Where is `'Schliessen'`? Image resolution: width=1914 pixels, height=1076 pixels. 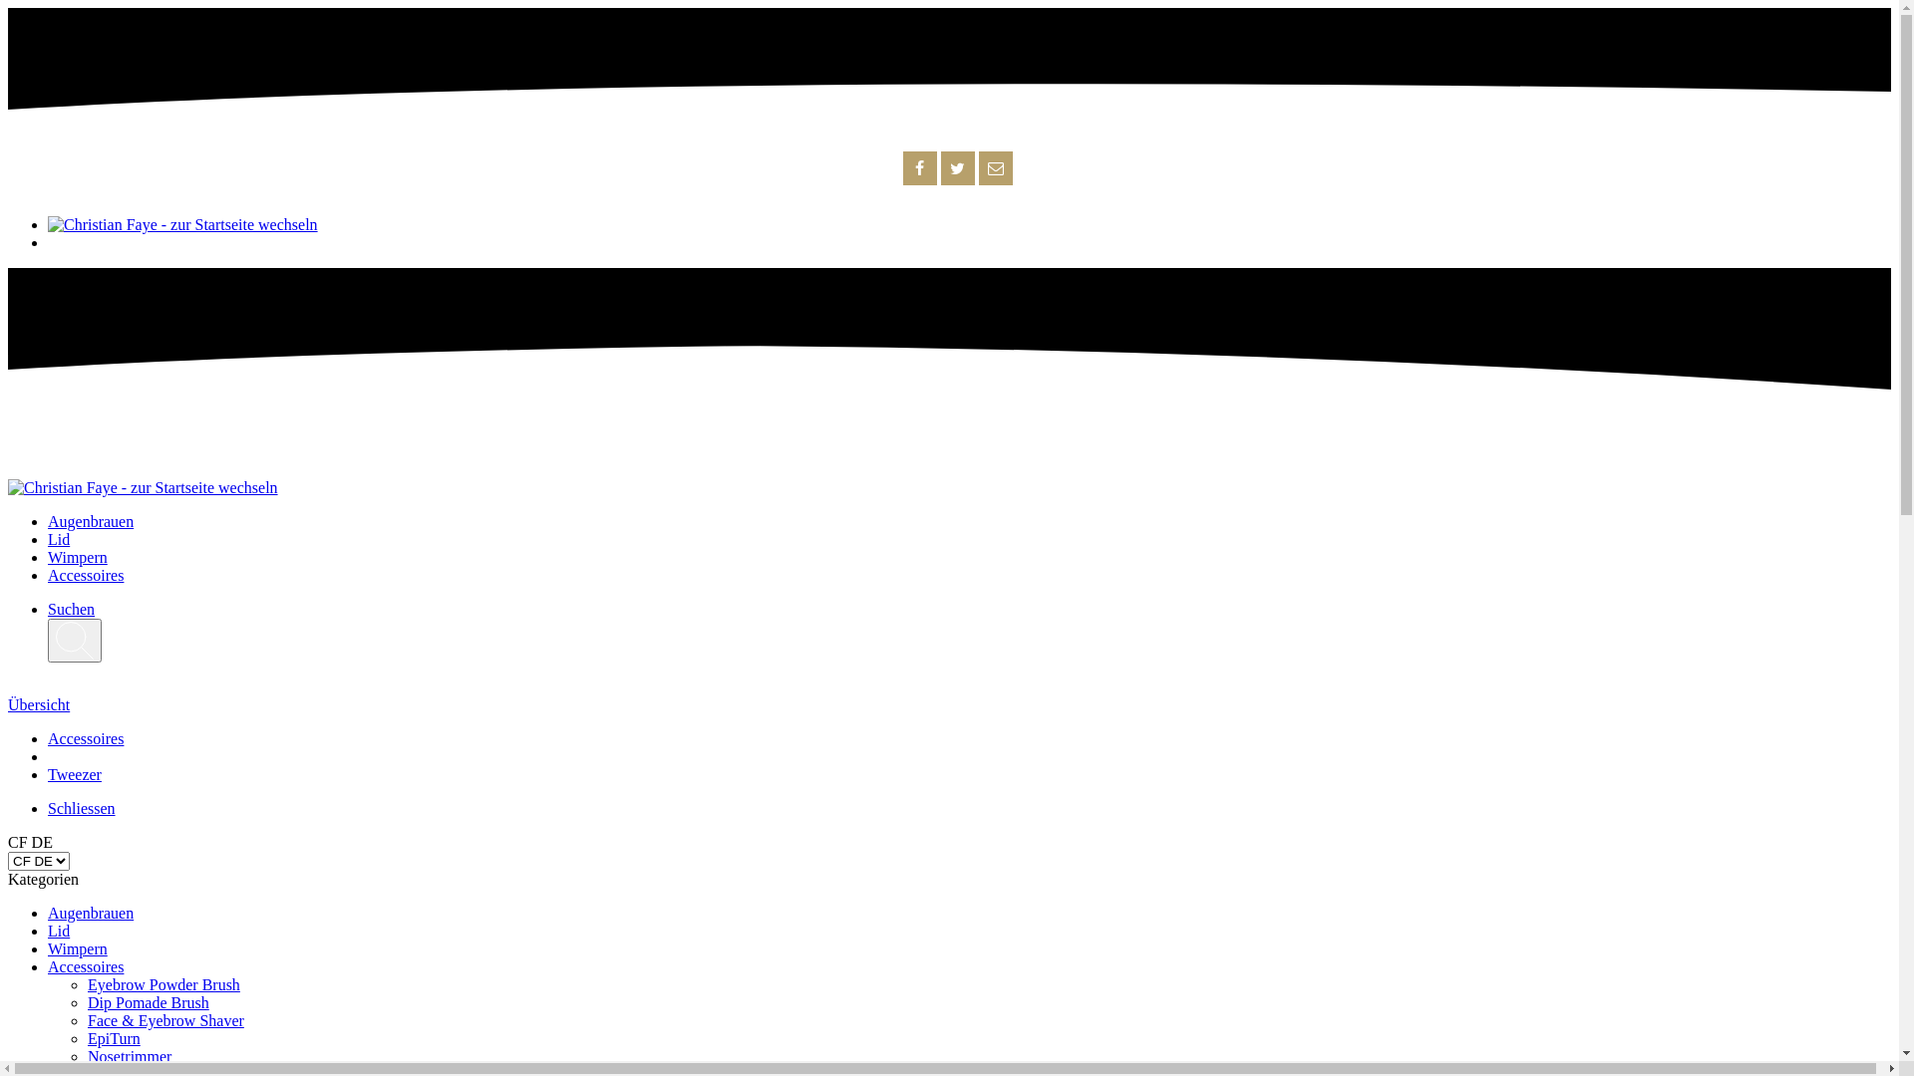 'Schliessen' is located at coordinates (48, 808).